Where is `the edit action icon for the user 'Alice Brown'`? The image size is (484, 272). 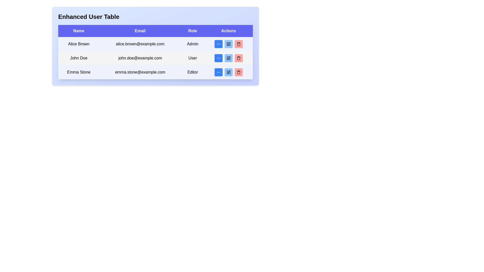
the edit action icon for the user 'Alice Brown' is located at coordinates (229, 72).